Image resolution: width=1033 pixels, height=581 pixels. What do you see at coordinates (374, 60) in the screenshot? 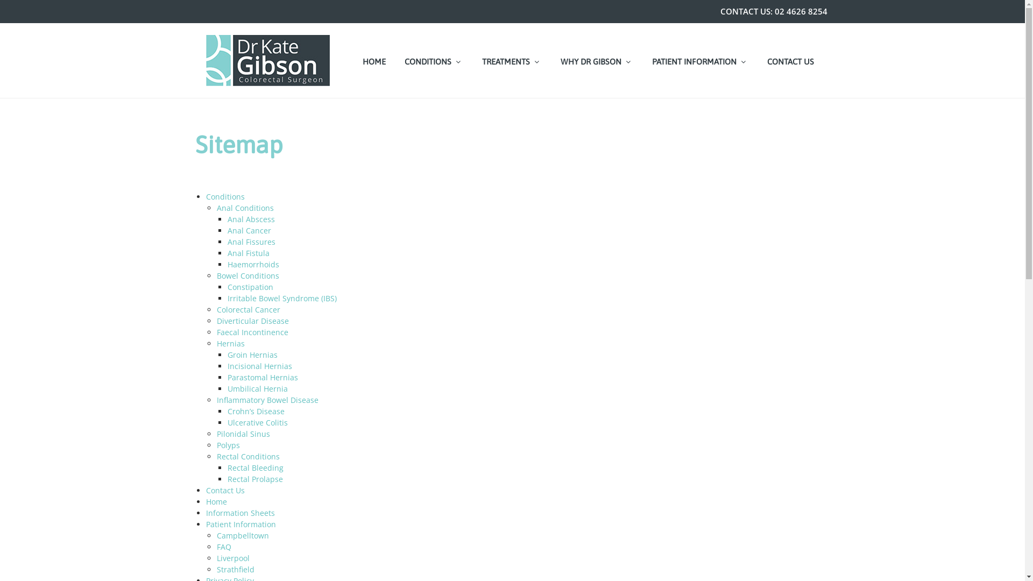
I see `'HOME'` at bounding box center [374, 60].